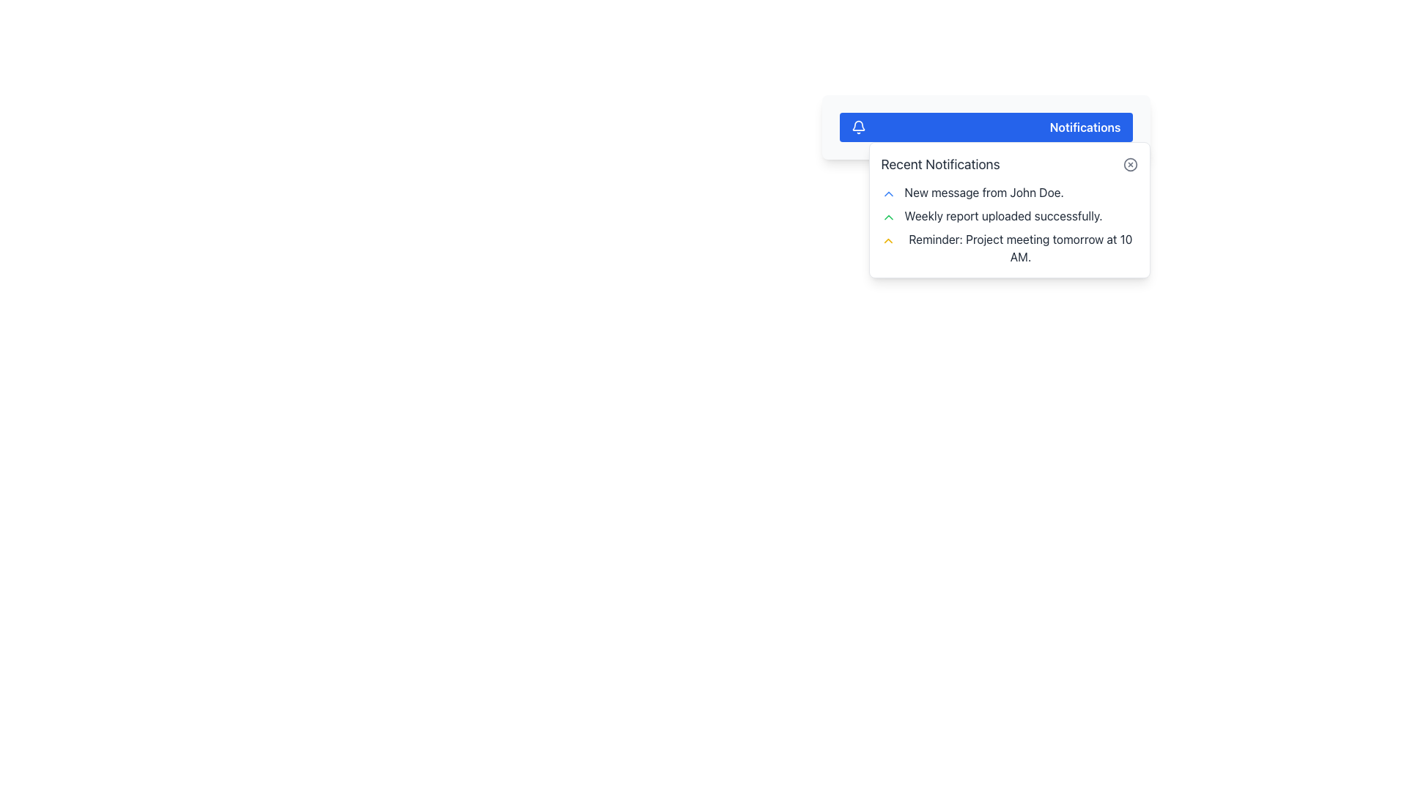 This screenshot has height=791, width=1407. I want to click on the text element that reads 'Recent Notifications', which is styled with a larger font size and appears bold in dark gray or black color, so click(940, 164).